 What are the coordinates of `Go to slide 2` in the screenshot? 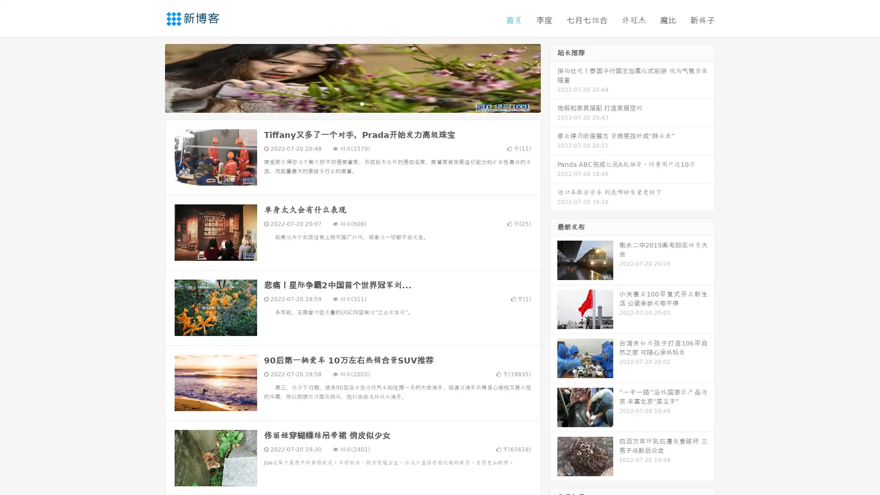 It's located at (352, 103).